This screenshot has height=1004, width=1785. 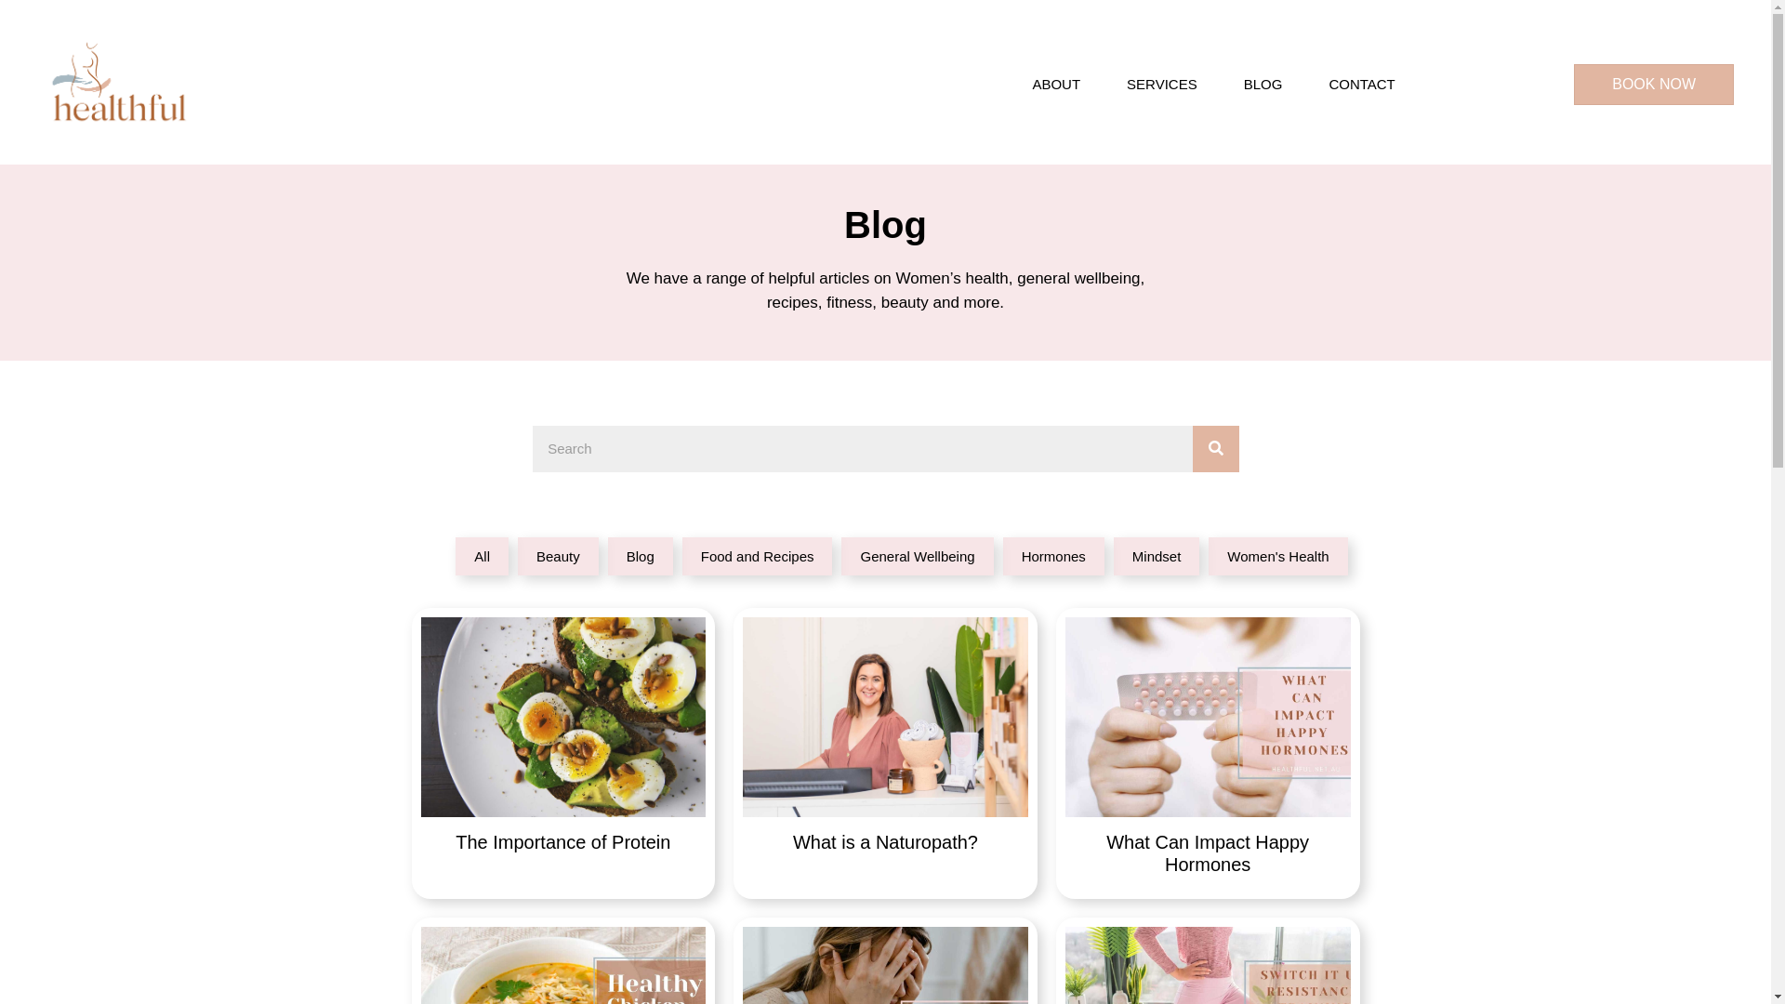 What do you see at coordinates (1107, 85) in the screenshot?
I see `'SERVICES'` at bounding box center [1107, 85].